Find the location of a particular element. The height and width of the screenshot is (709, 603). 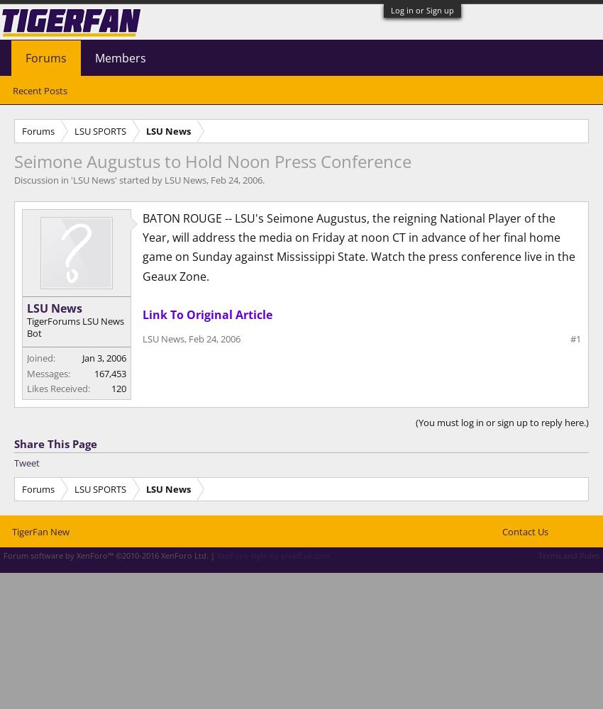

'XenForo style by pixelExit.com' is located at coordinates (273, 555).